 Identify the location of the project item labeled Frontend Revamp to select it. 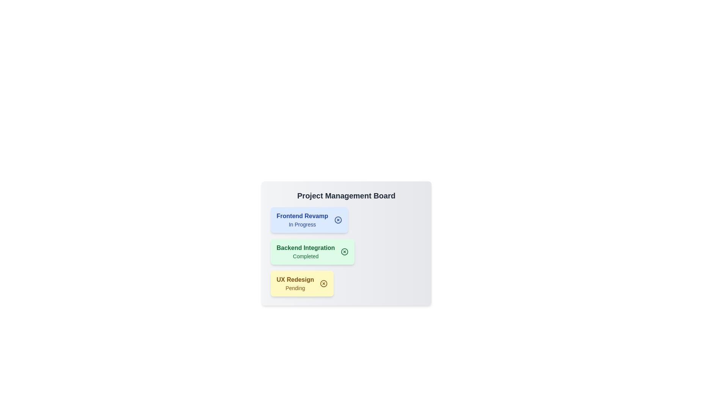
(302, 220).